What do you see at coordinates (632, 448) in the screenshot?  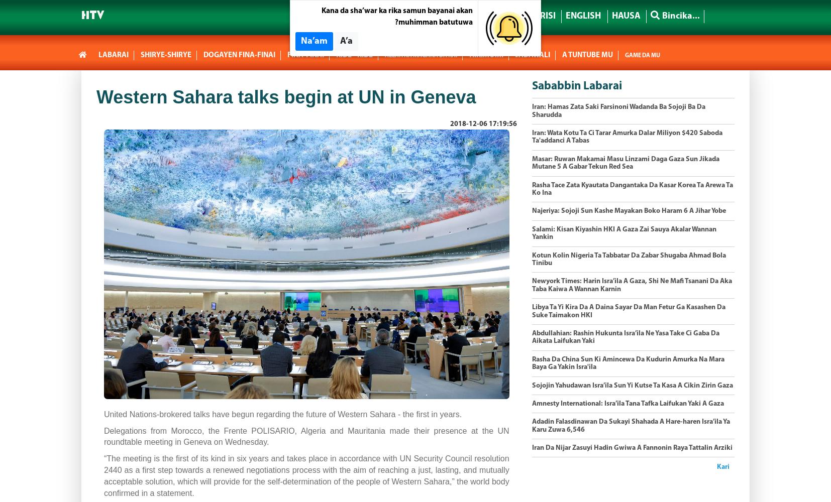 I see `'Iran Da Nijar Zasuyi Hadin Gwiwa A Fannonin Raya Tattalin Arziki'` at bounding box center [632, 448].